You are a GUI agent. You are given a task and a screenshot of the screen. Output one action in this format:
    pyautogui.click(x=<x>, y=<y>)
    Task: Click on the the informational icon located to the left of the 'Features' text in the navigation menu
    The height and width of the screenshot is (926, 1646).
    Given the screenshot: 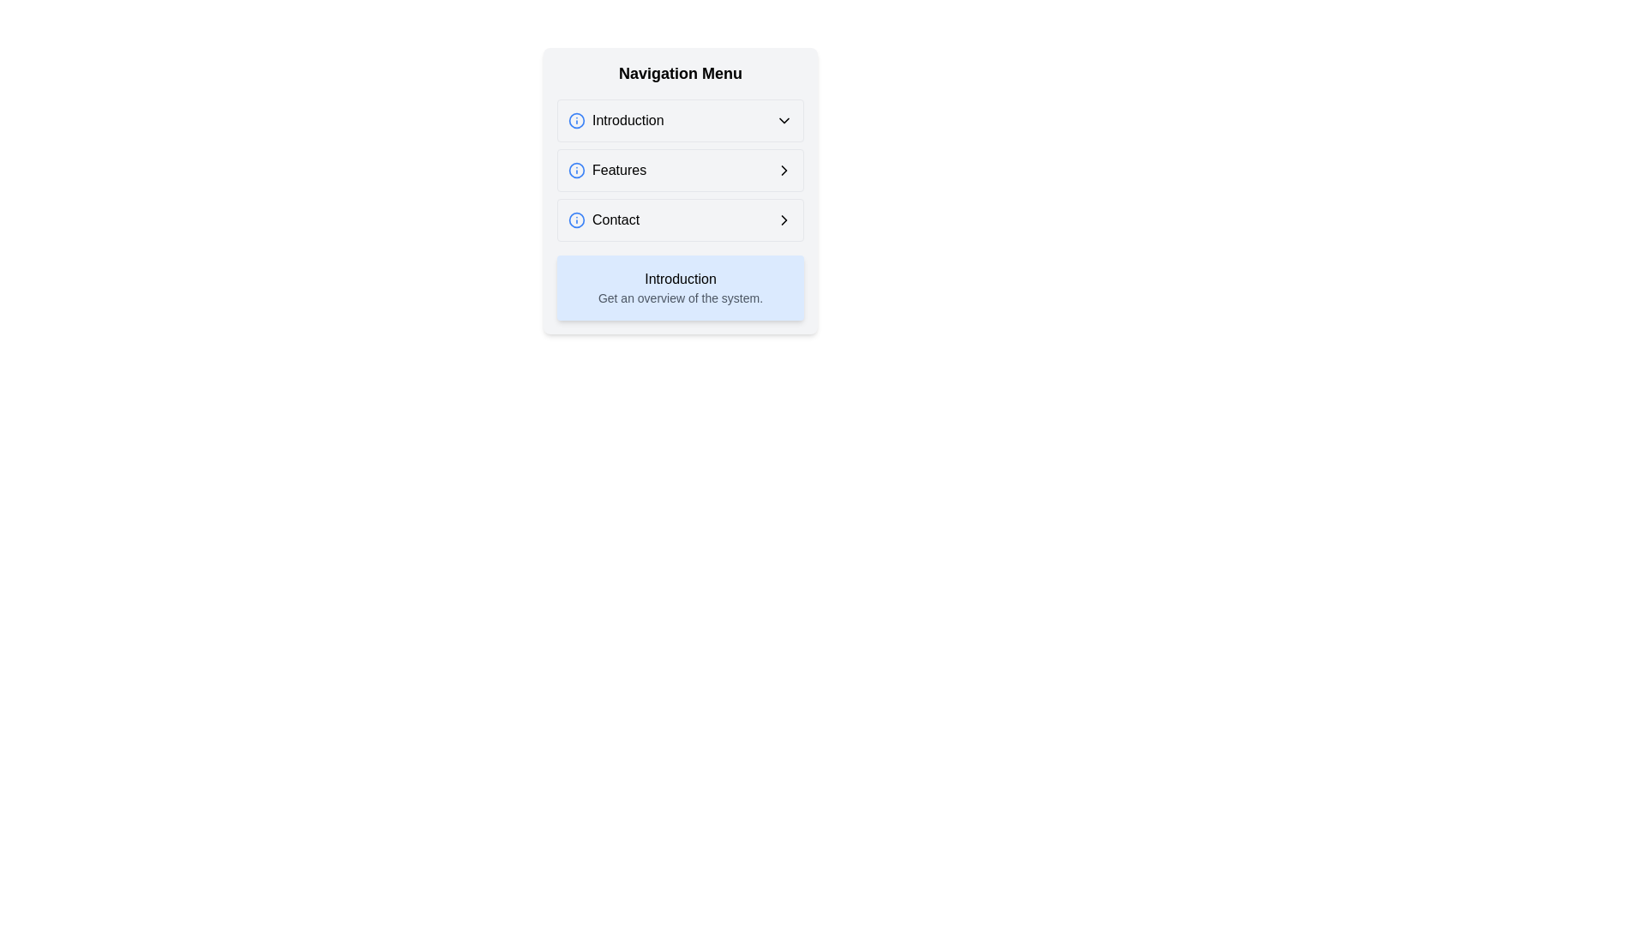 What is the action you would take?
    pyautogui.click(x=576, y=171)
    